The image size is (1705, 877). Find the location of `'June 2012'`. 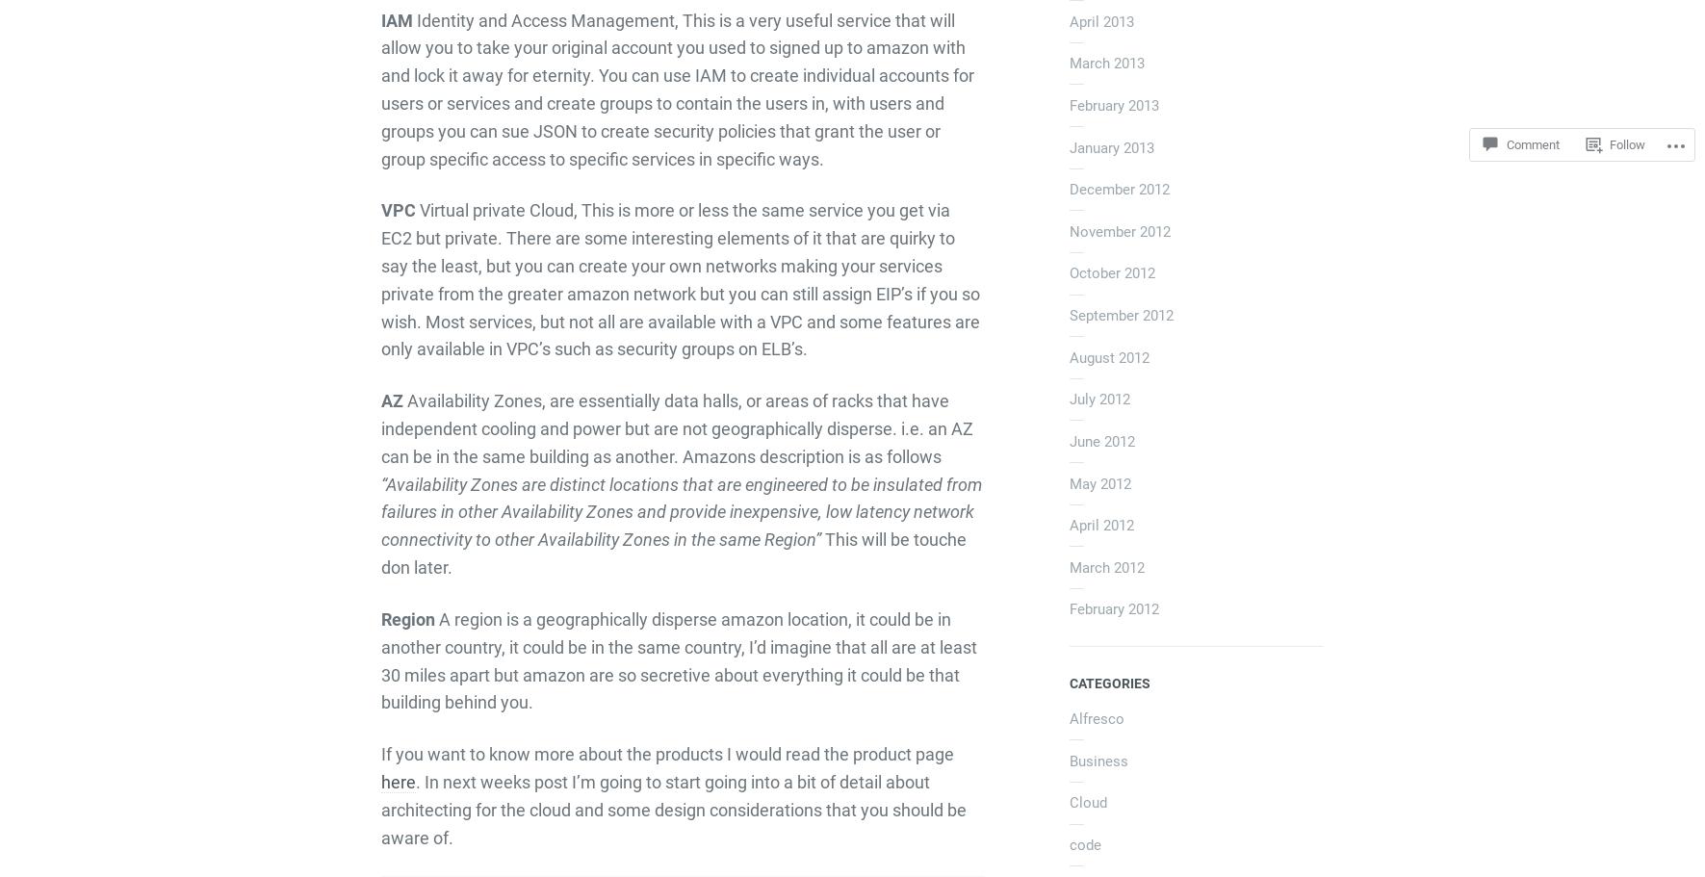

'June 2012' is located at coordinates (1101, 439).